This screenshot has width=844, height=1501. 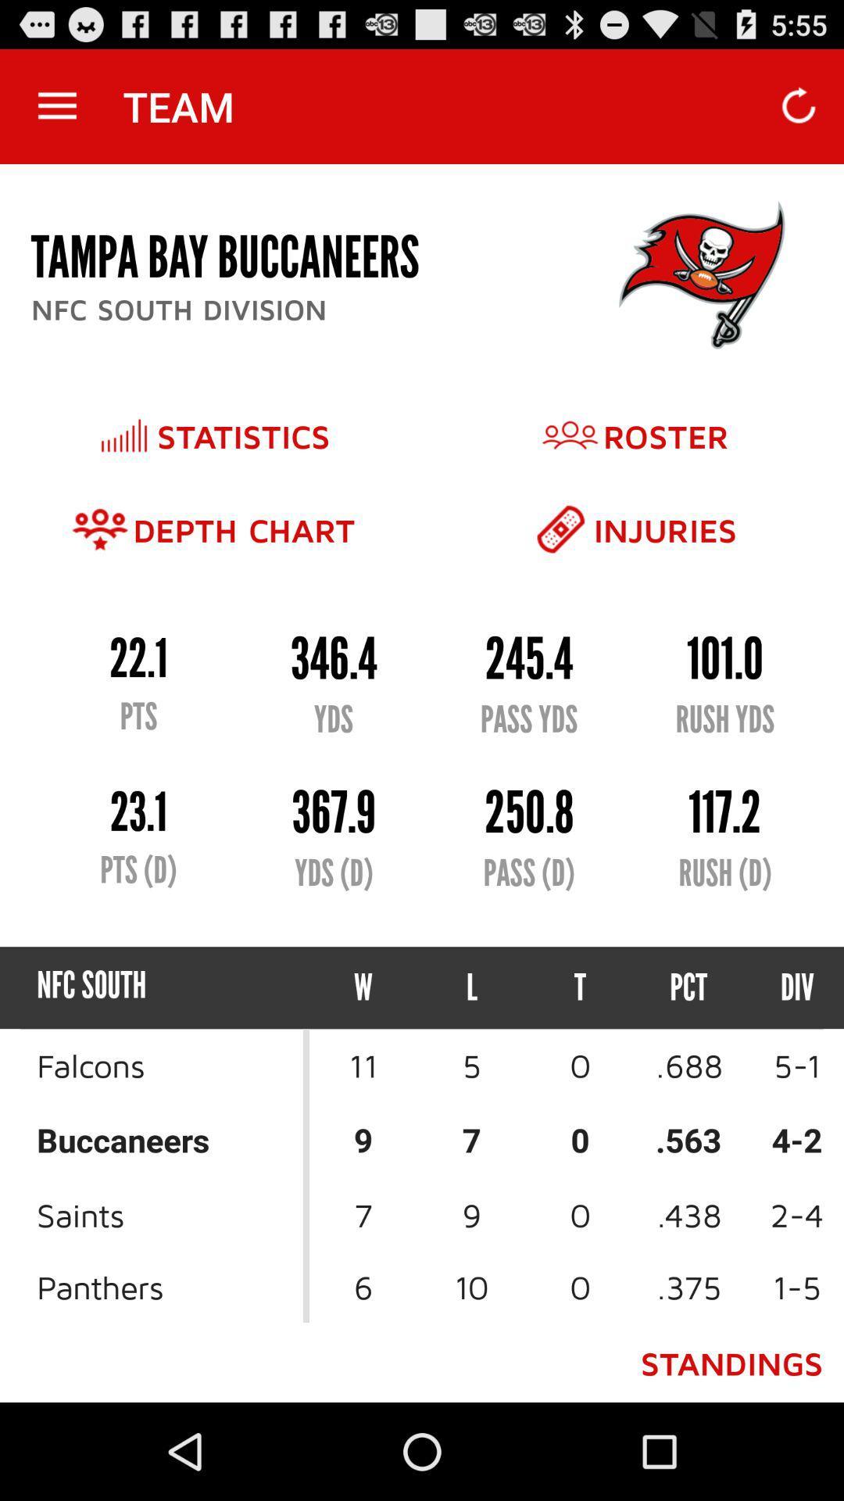 I want to click on item next to the l, so click(x=363, y=987).